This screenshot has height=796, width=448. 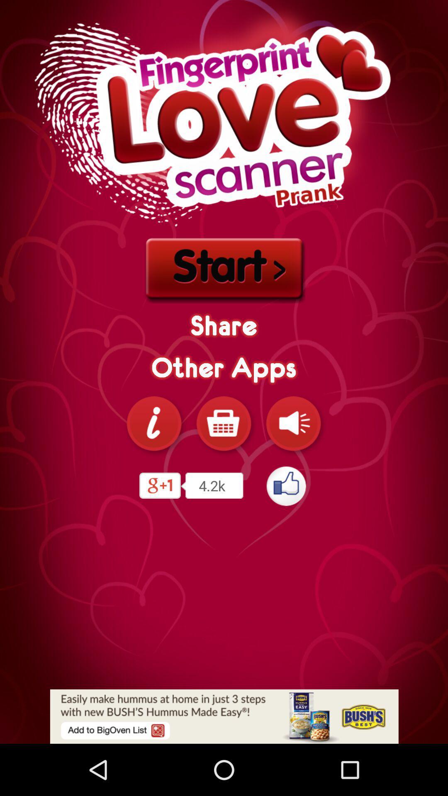 What do you see at coordinates (286, 485) in the screenshot?
I see `like this app` at bounding box center [286, 485].